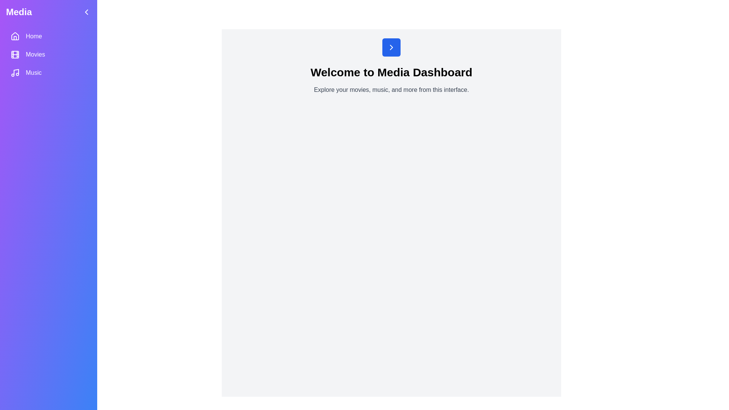  I want to click on the Movies section in the sidebar, so click(48, 54).